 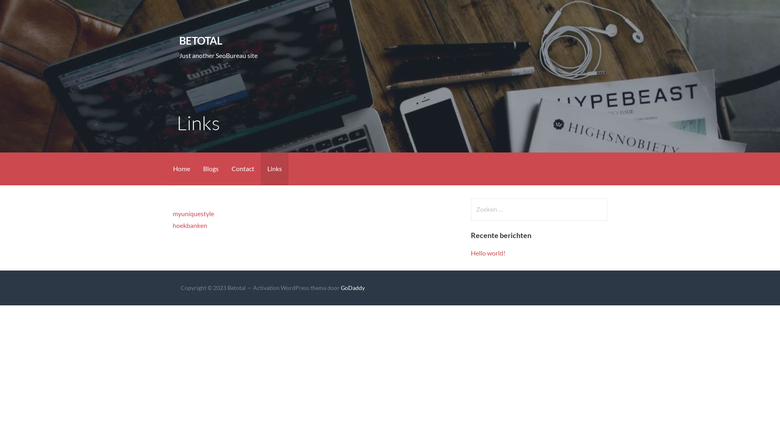 What do you see at coordinates (275, 168) in the screenshot?
I see `'Links'` at bounding box center [275, 168].